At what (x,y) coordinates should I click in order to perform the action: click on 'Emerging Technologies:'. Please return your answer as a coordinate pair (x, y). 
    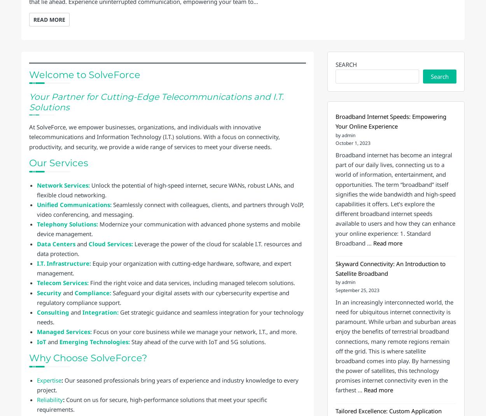
    Looking at the image, I should click on (94, 341).